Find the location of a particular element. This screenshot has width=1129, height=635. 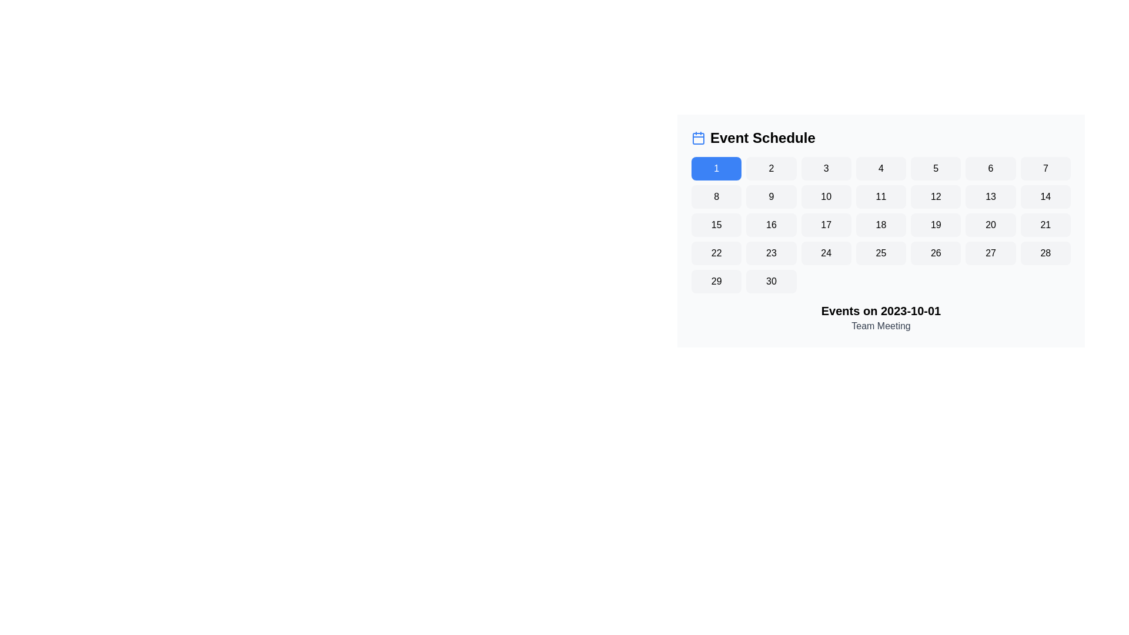

the clickable calendar date box displaying '26' is located at coordinates (935, 253).